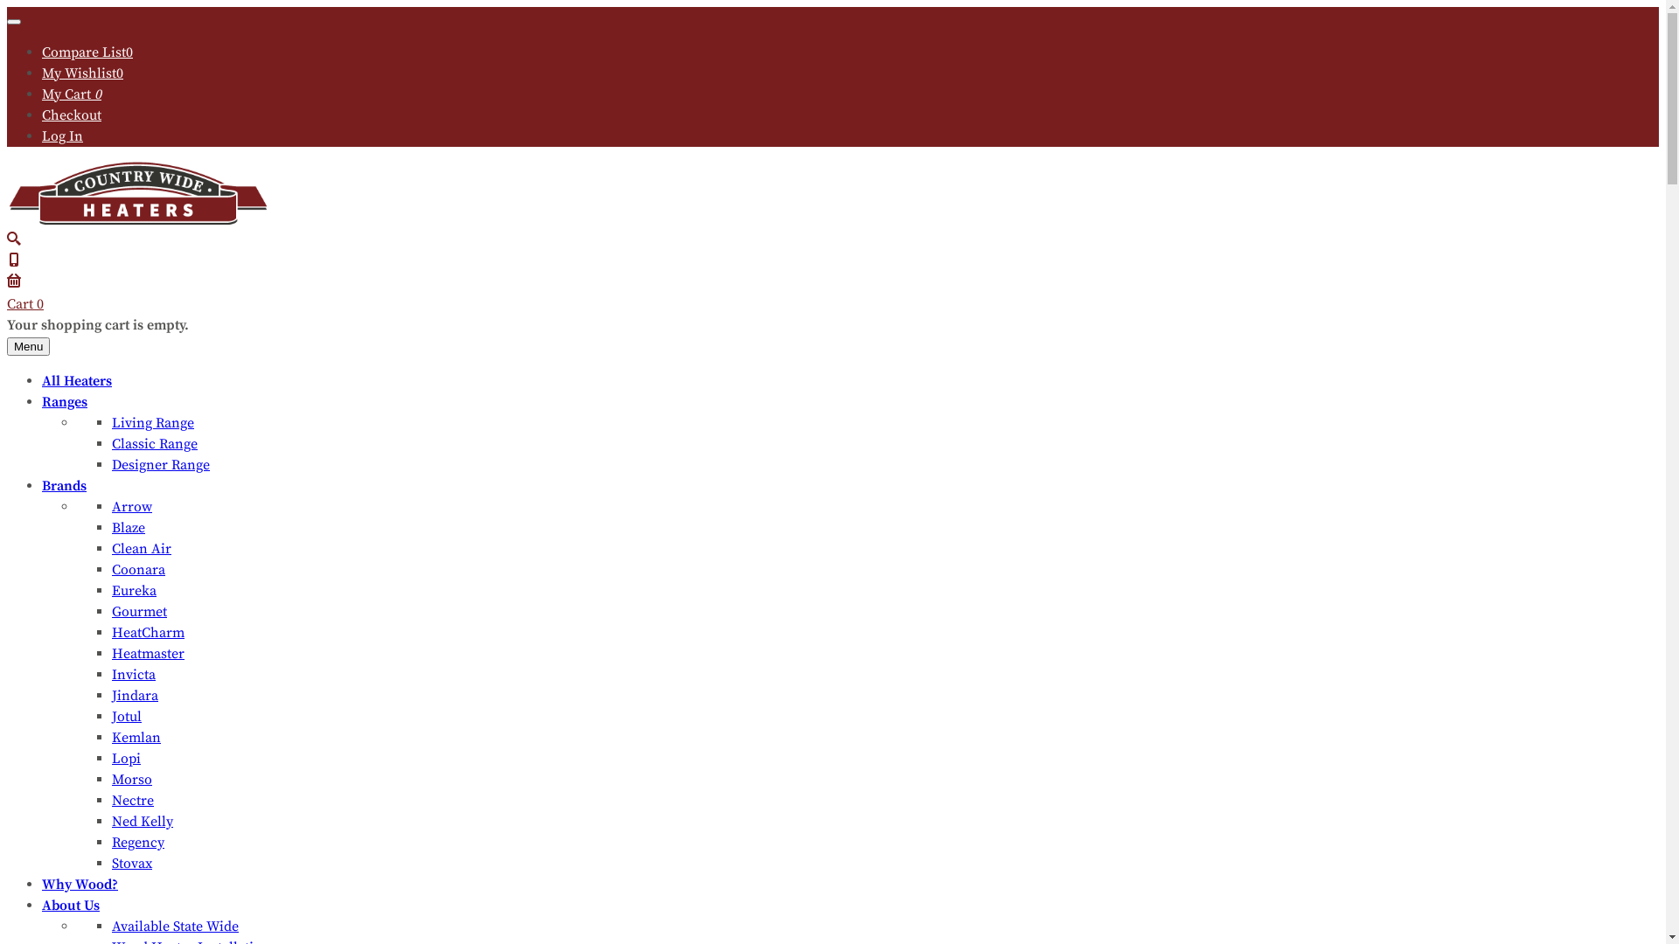 This screenshot has width=1679, height=944. Describe the element at coordinates (128, 527) in the screenshot. I see `'Blaze'` at that location.